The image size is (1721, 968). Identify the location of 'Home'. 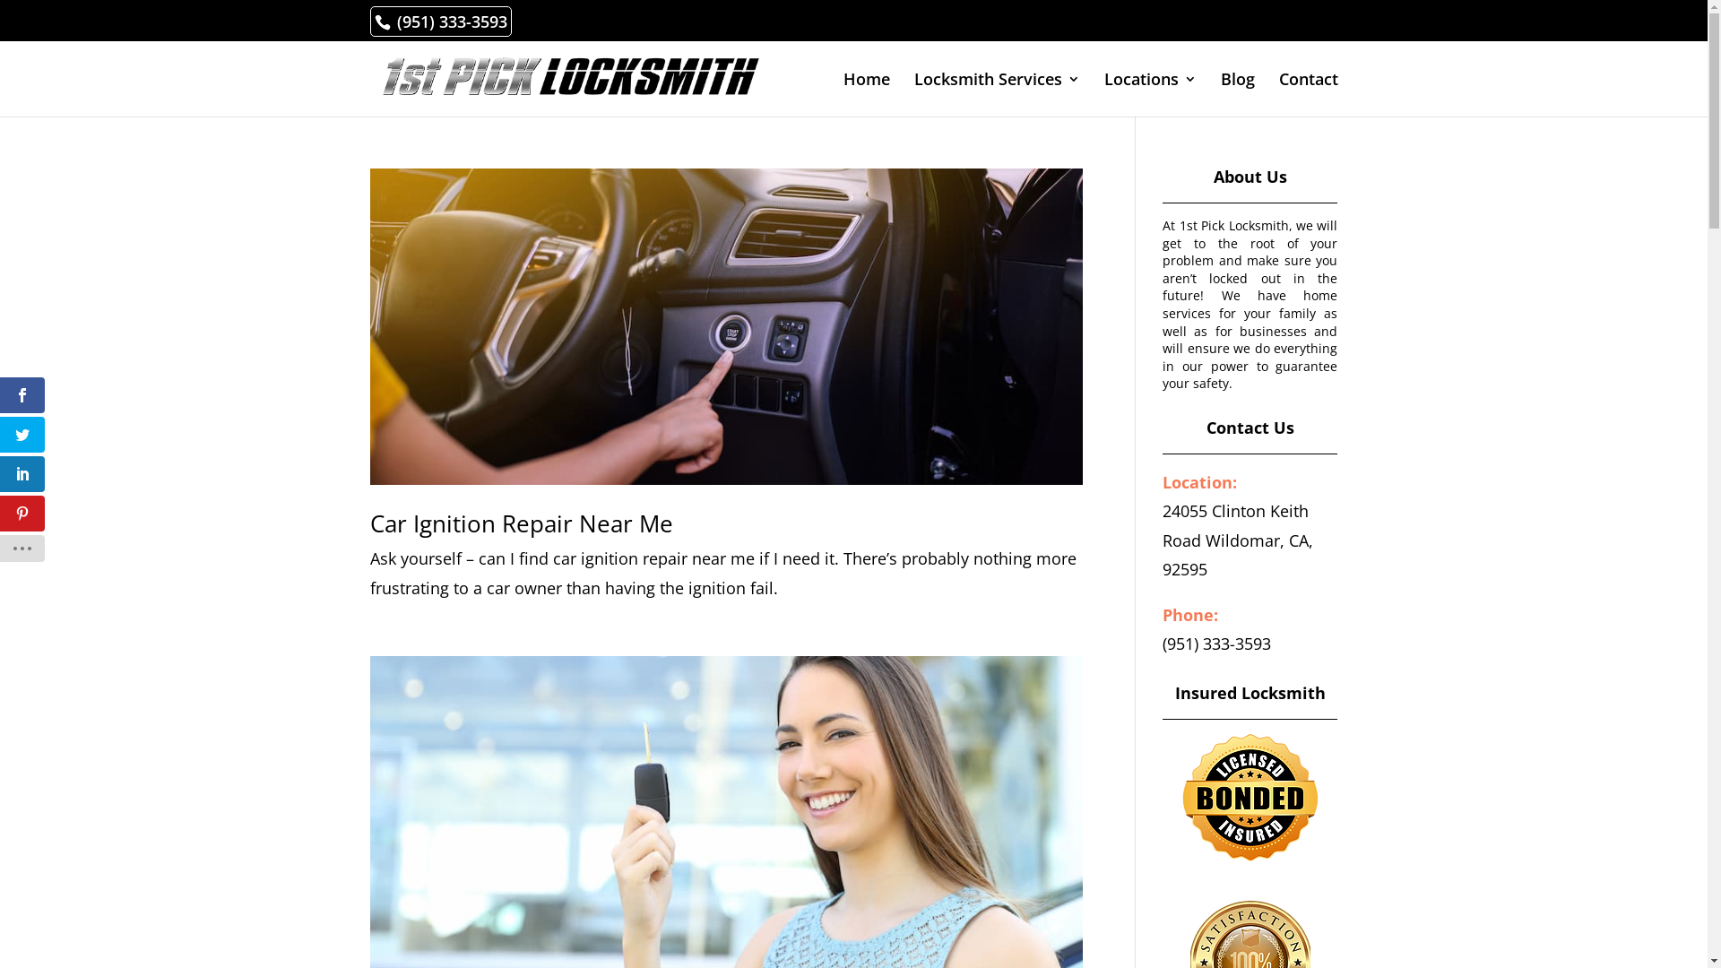
(842, 94).